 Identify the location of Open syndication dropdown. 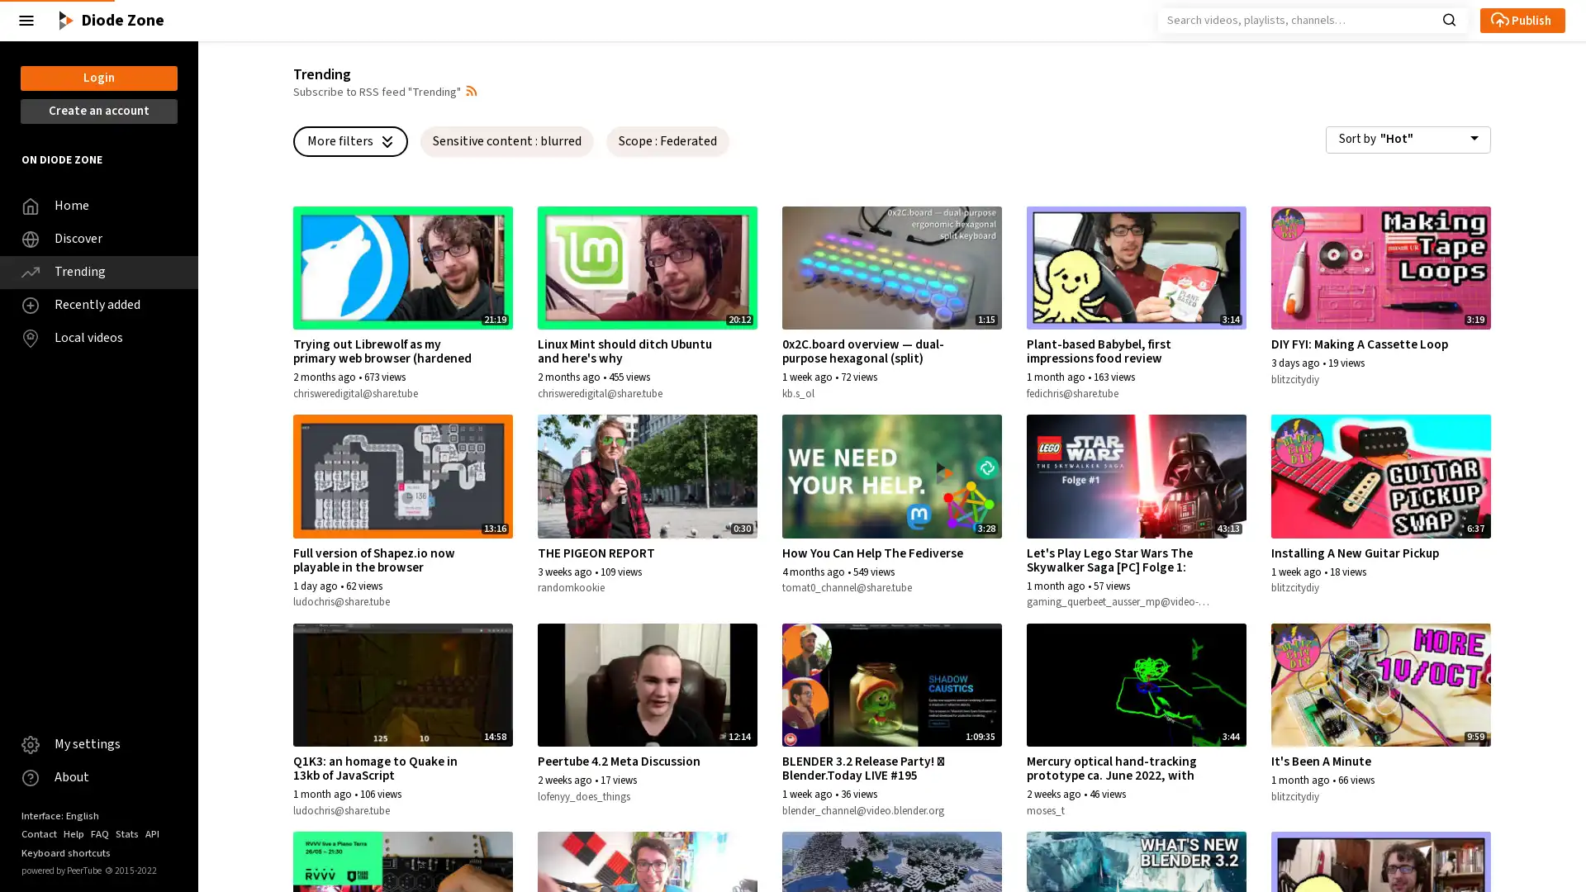
(471, 89).